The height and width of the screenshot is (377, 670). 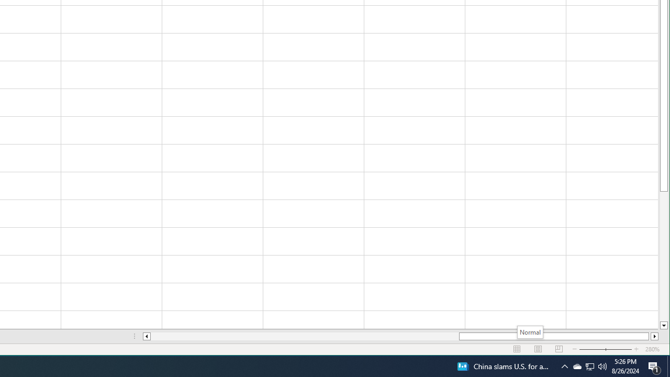 I want to click on 'Action Center, 1 new notification', so click(x=668, y=365).